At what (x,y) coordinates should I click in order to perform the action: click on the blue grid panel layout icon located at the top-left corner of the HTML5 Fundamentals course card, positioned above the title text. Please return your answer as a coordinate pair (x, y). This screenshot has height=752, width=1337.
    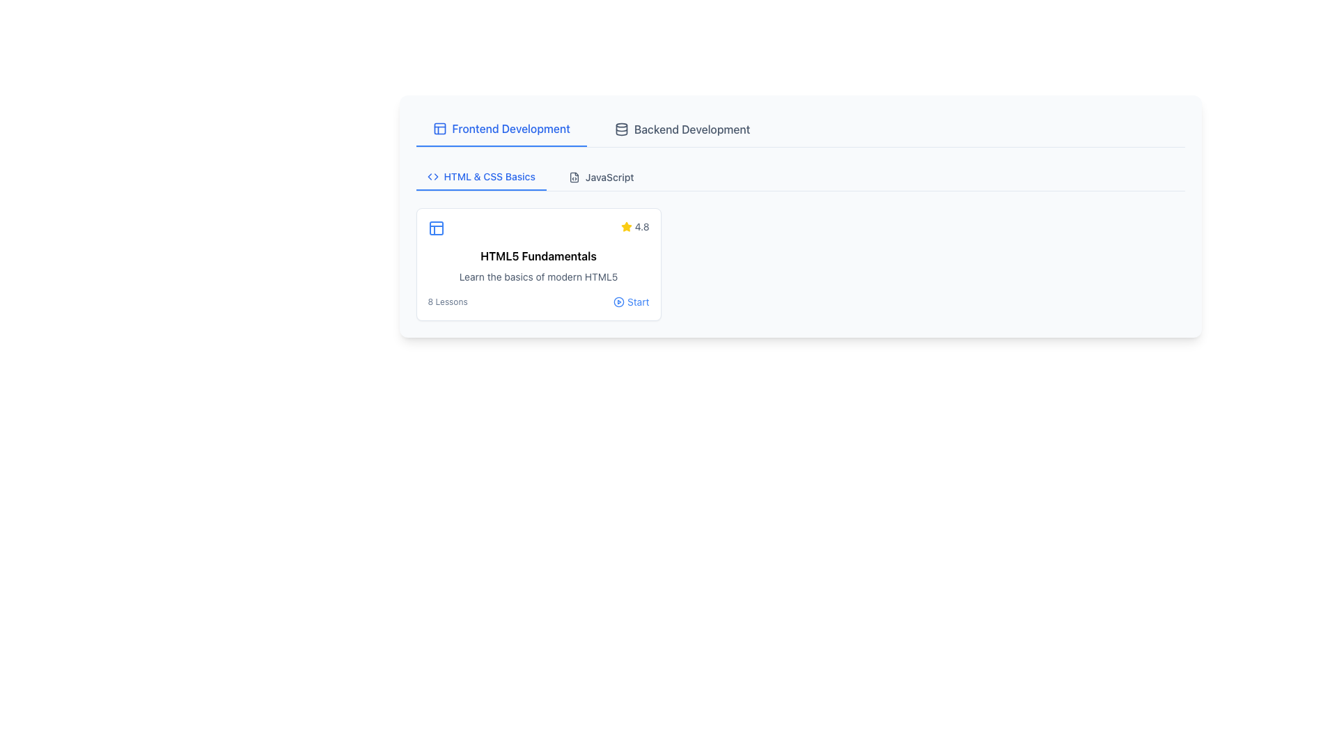
    Looking at the image, I should click on (435, 227).